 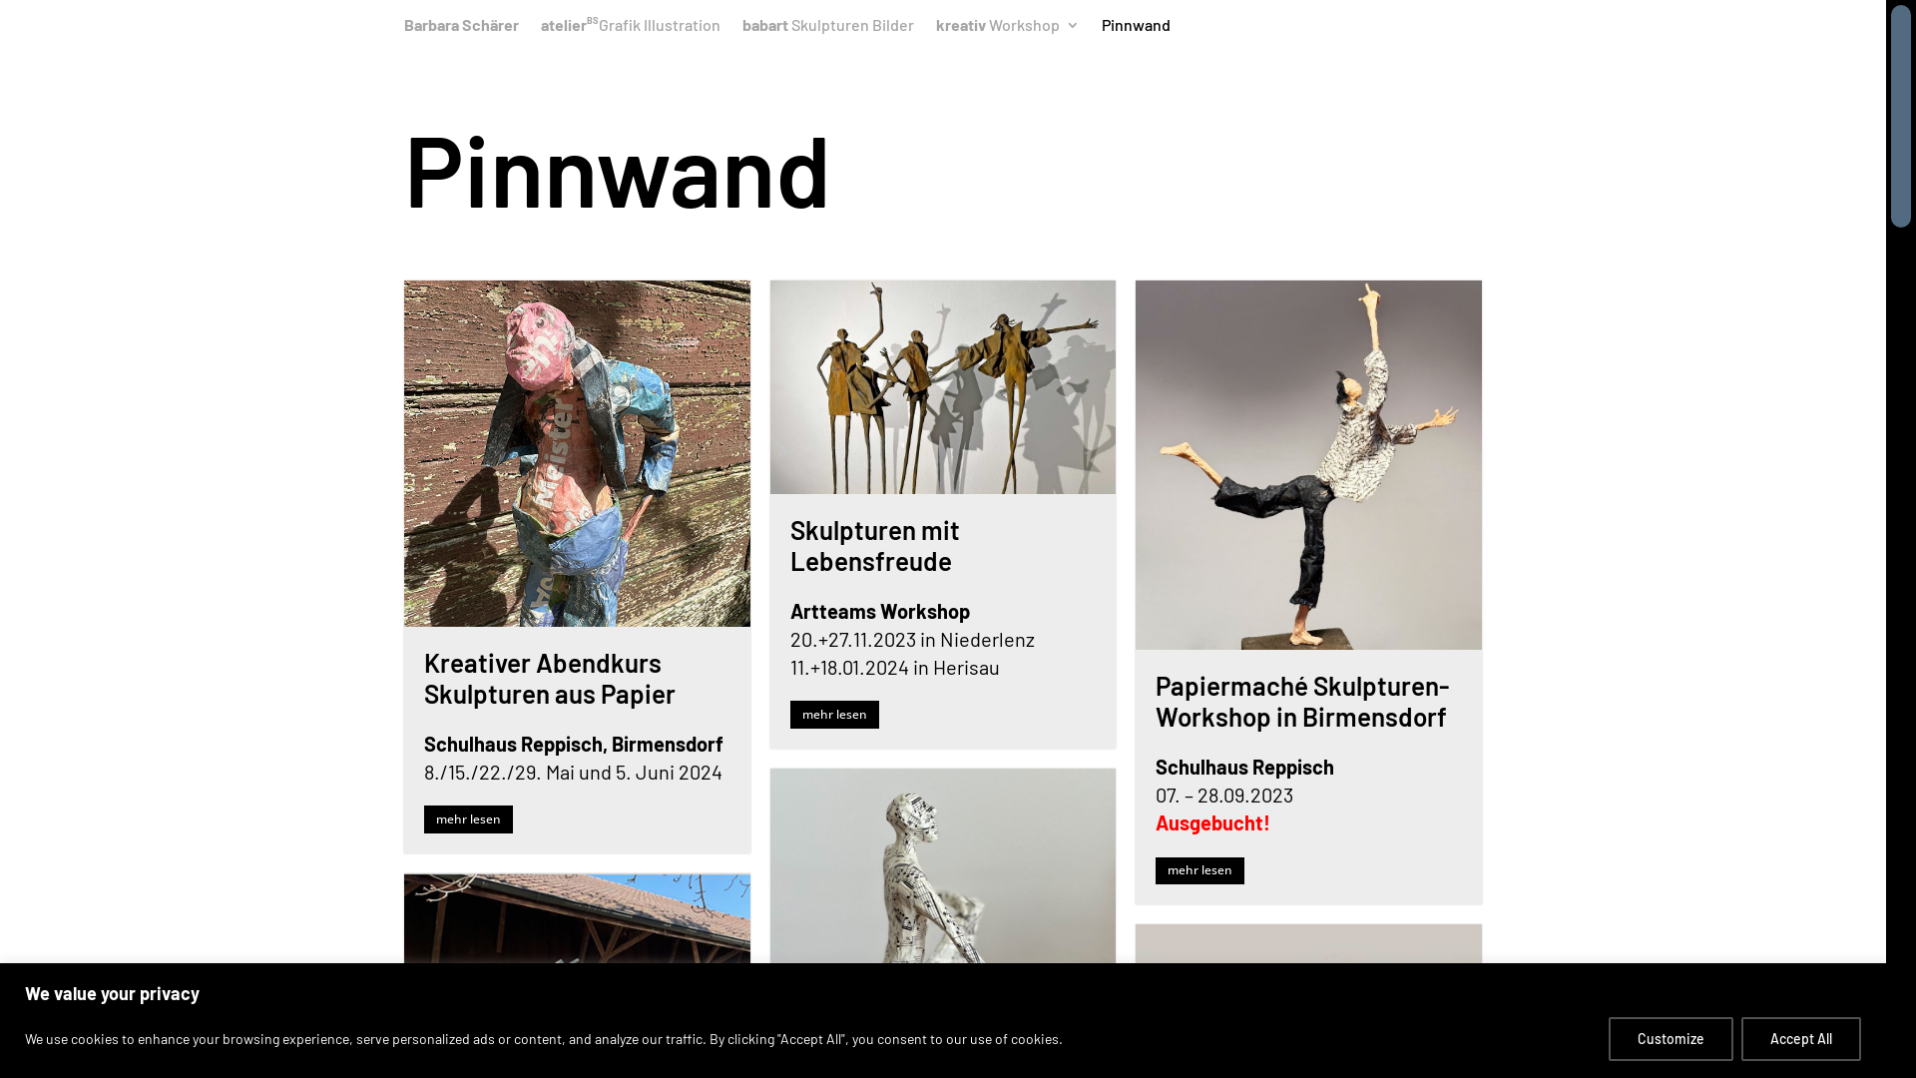 I want to click on 'Customize', so click(x=1671, y=1037).